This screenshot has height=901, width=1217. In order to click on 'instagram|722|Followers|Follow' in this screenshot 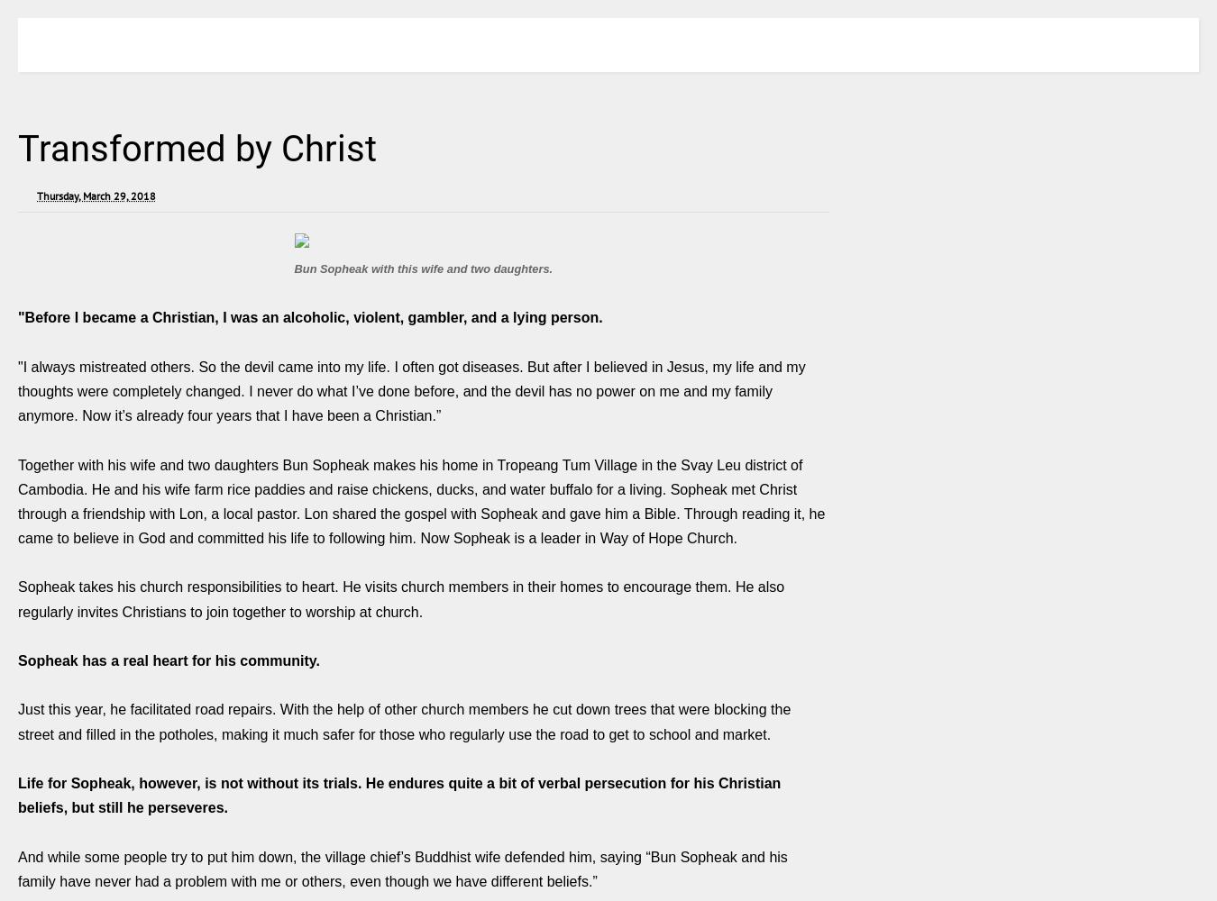, I will do `click(993, 358)`.